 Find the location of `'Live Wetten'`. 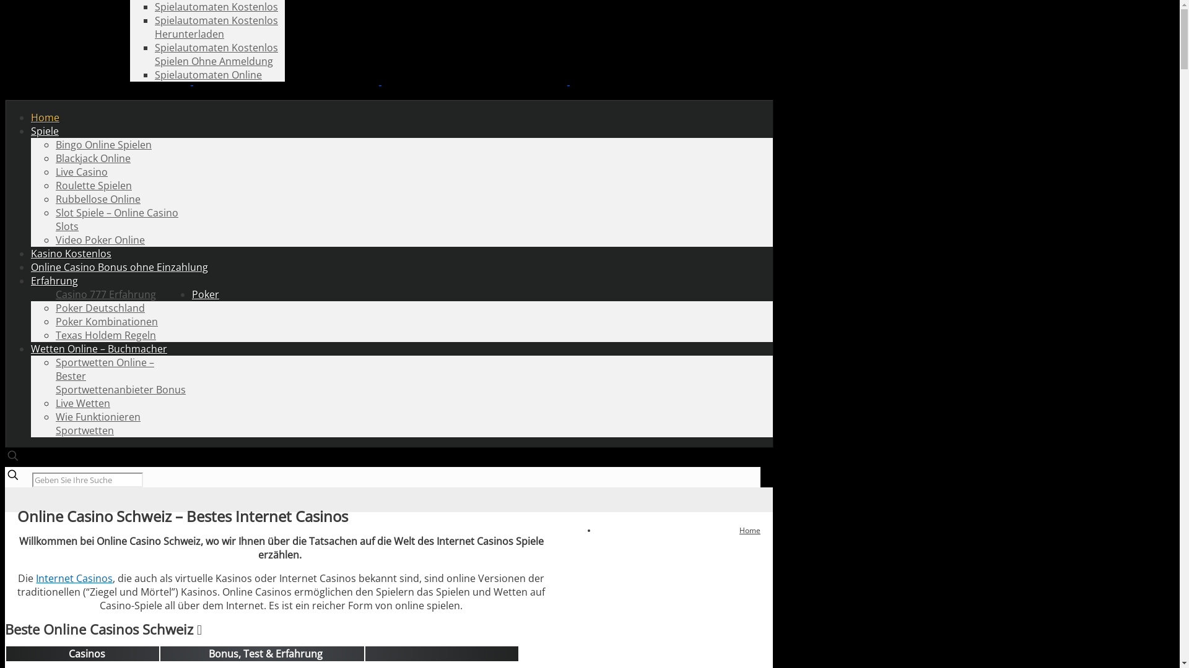

'Live Wetten' is located at coordinates (82, 403).